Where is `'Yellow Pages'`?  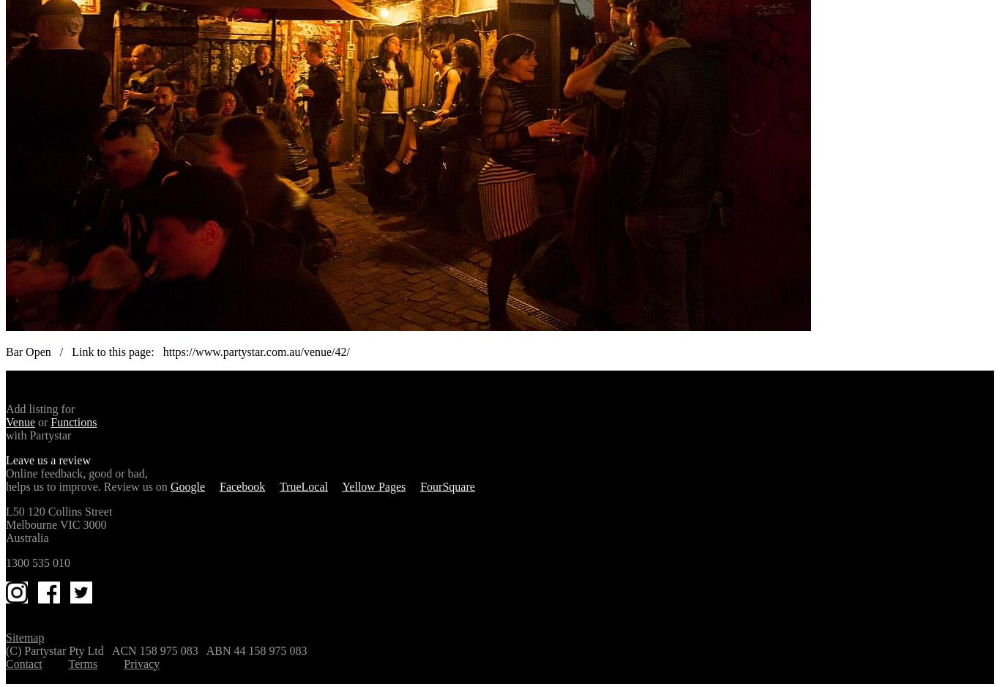
'Yellow Pages' is located at coordinates (373, 485).